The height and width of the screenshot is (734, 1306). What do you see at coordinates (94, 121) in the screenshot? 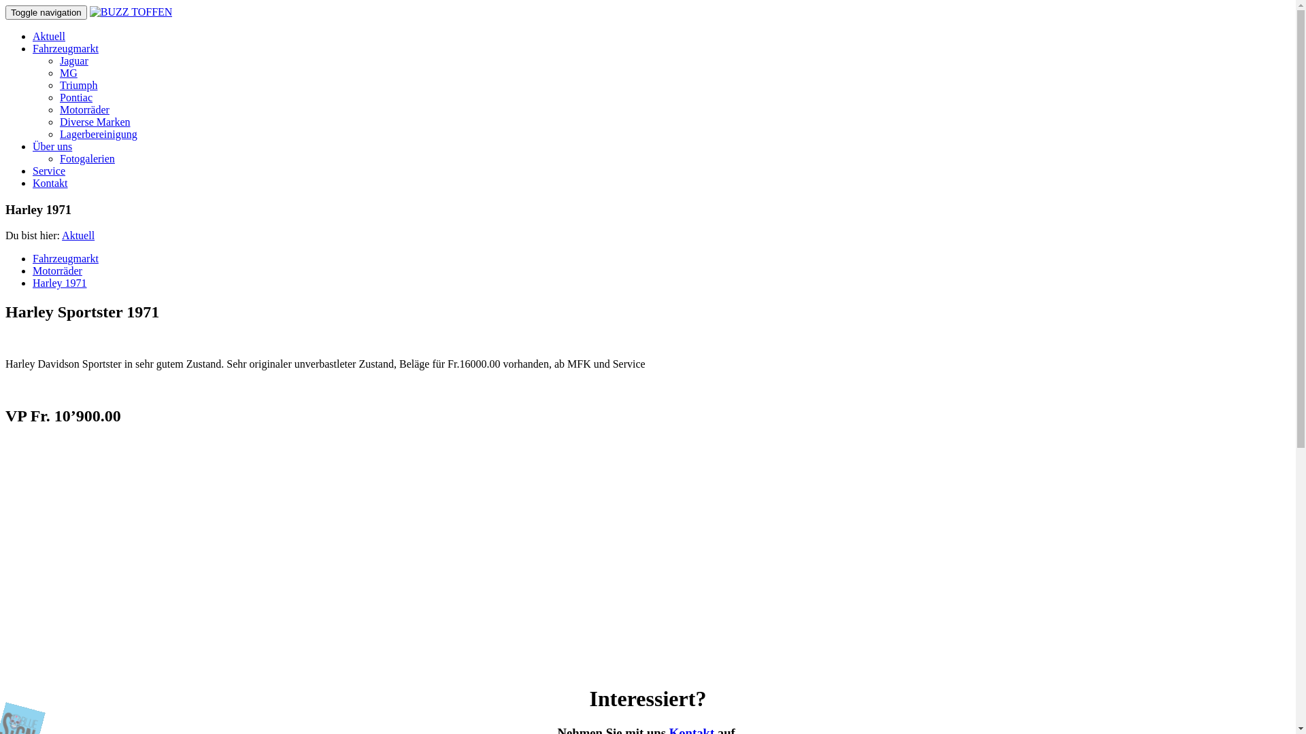
I see `'Diverse Marken'` at bounding box center [94, 121].